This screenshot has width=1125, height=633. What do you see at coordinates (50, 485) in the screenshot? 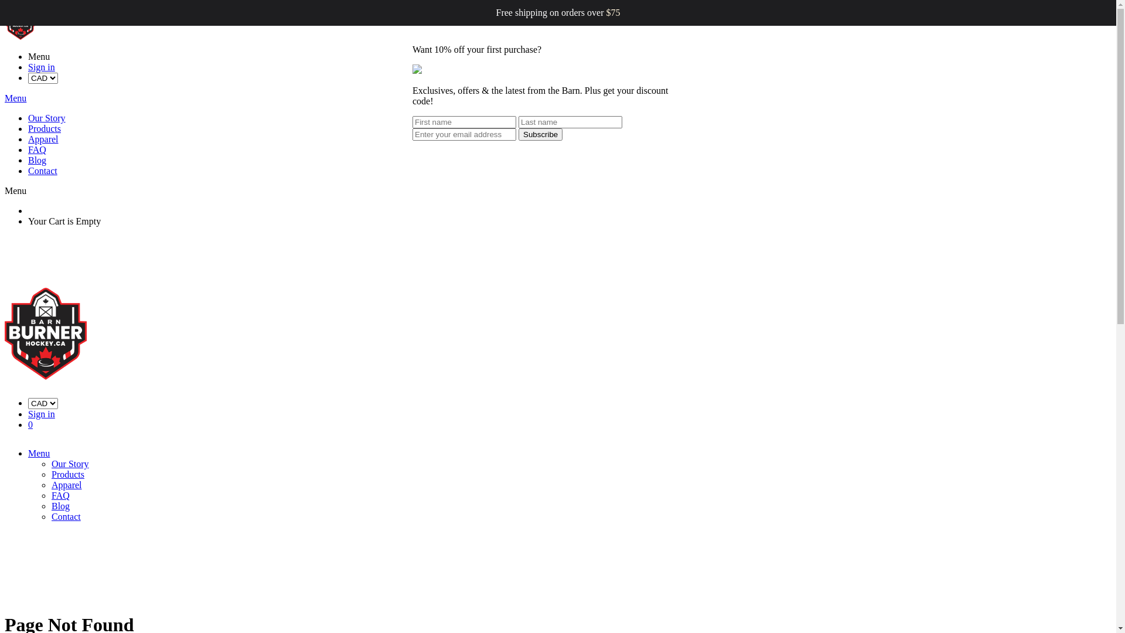
I see `'Apparel'` at bounding box center [50, 485].